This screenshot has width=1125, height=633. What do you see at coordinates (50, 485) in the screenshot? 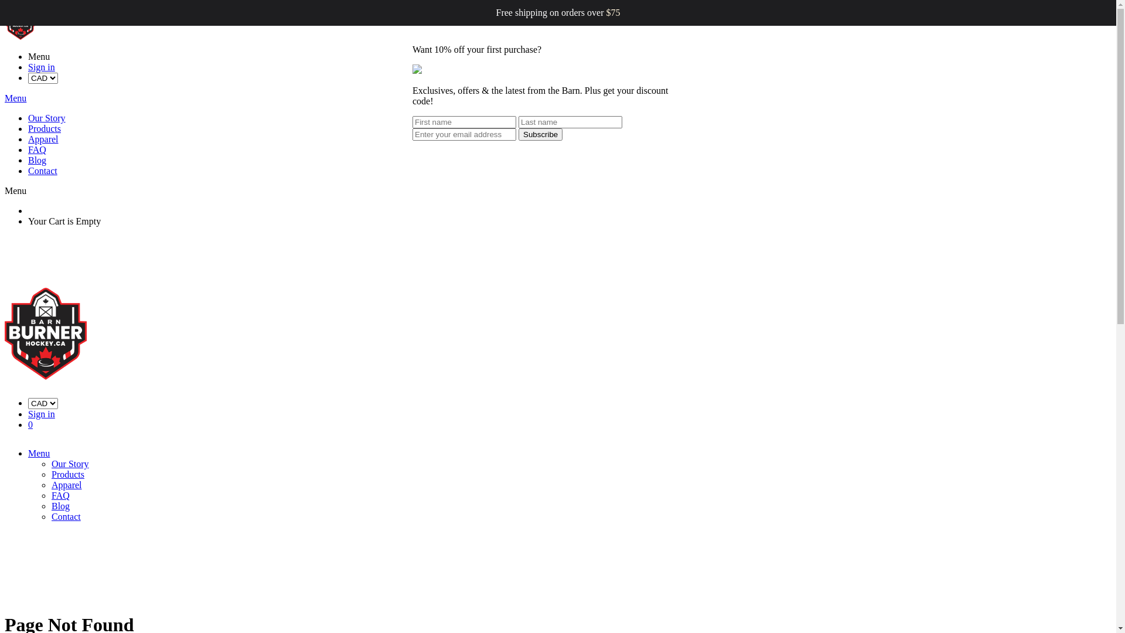
I see `'Apparel'` at bounding box center [50, 485].